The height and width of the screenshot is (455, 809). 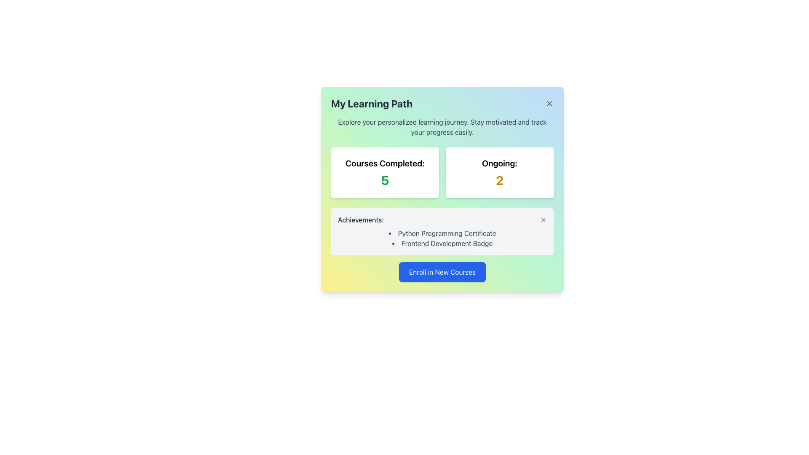 What do you see at coordinates (499, 180) in the screenshot?
I see `the bold numeral '2' styled in yellow font, located in the middle-right section of the progress display card, under the label 'Ongoing:'` at bounding box center [499, 180].